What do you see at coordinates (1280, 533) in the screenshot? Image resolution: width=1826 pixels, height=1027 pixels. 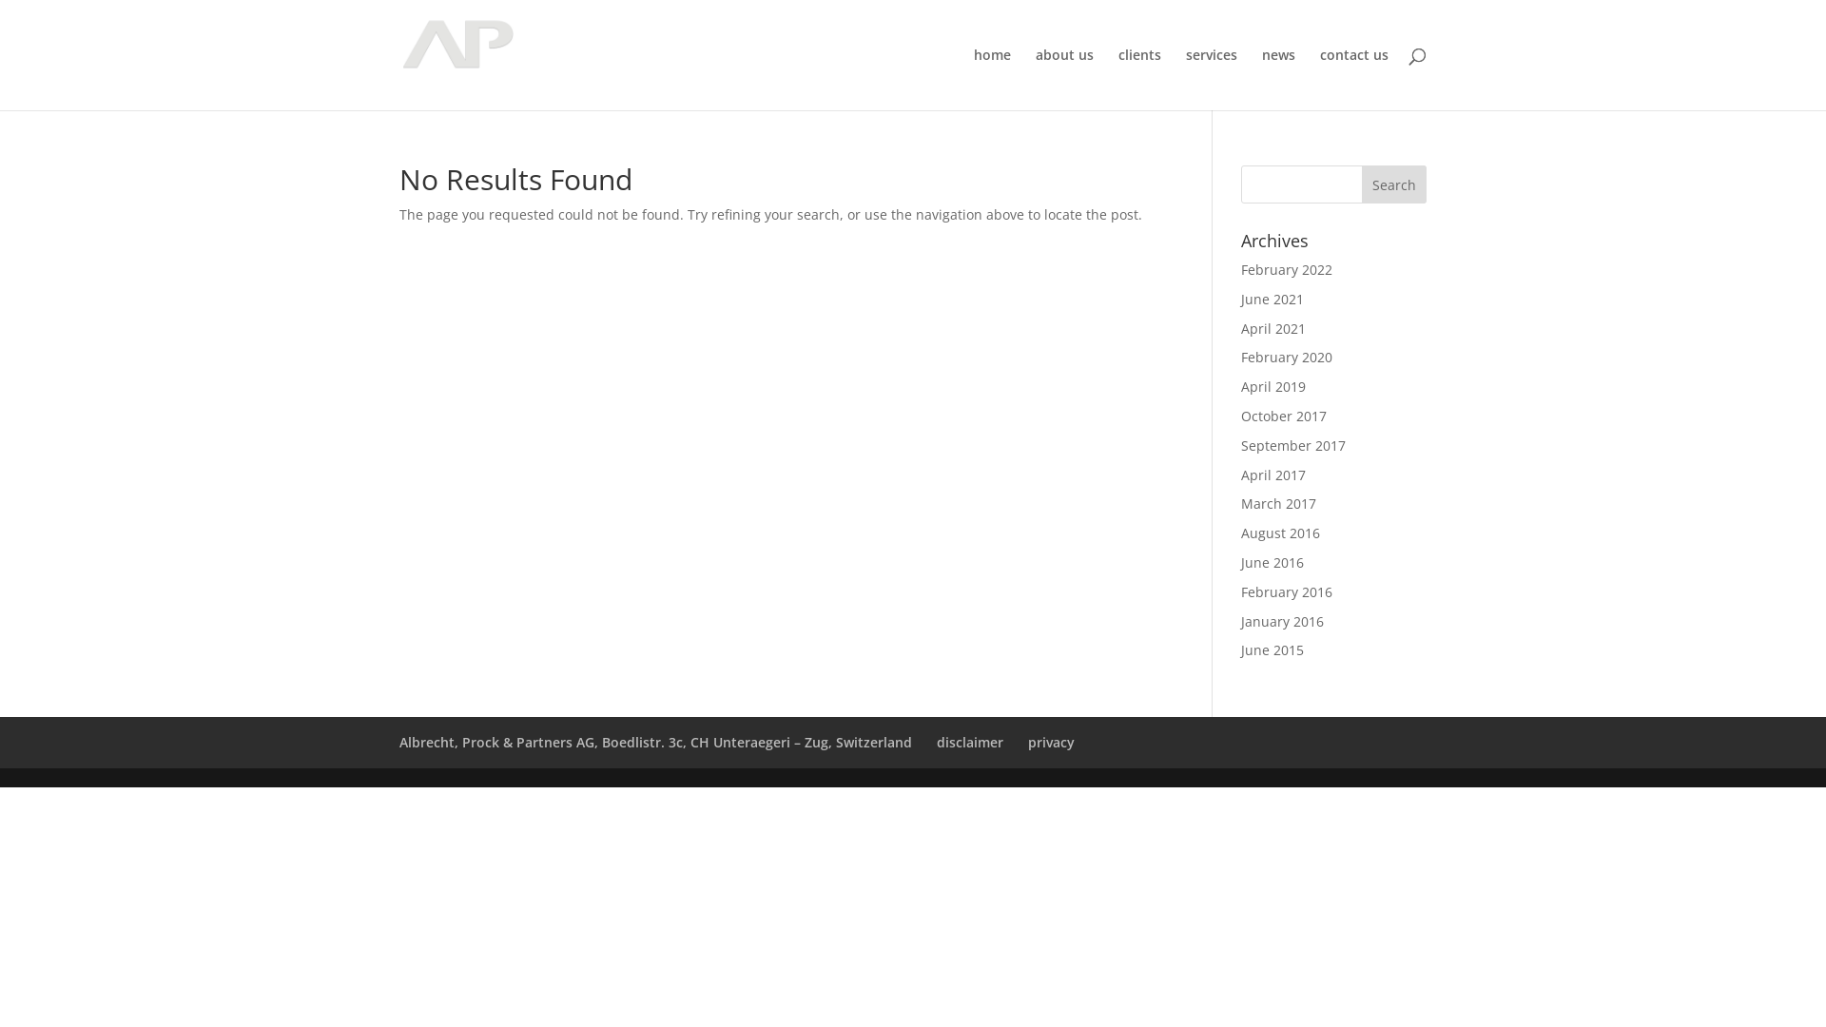 I see `'August 2016'` at bounding box center [1280, 533].